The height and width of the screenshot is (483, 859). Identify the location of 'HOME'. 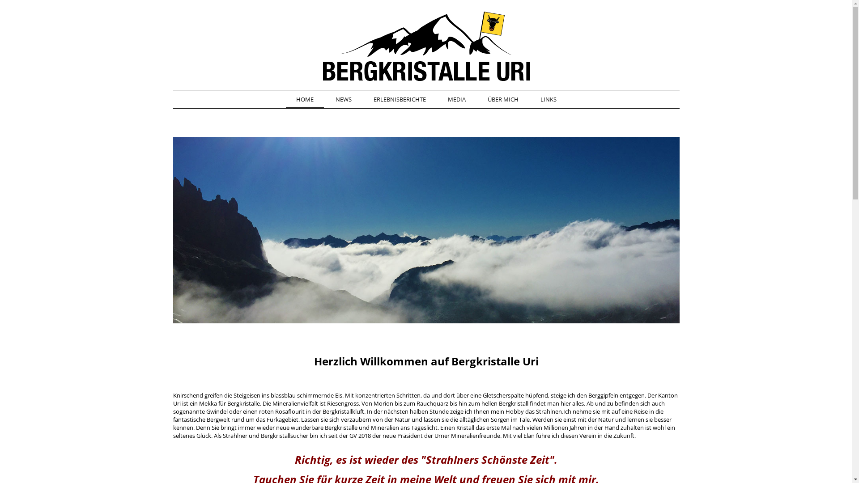
(304, 100).